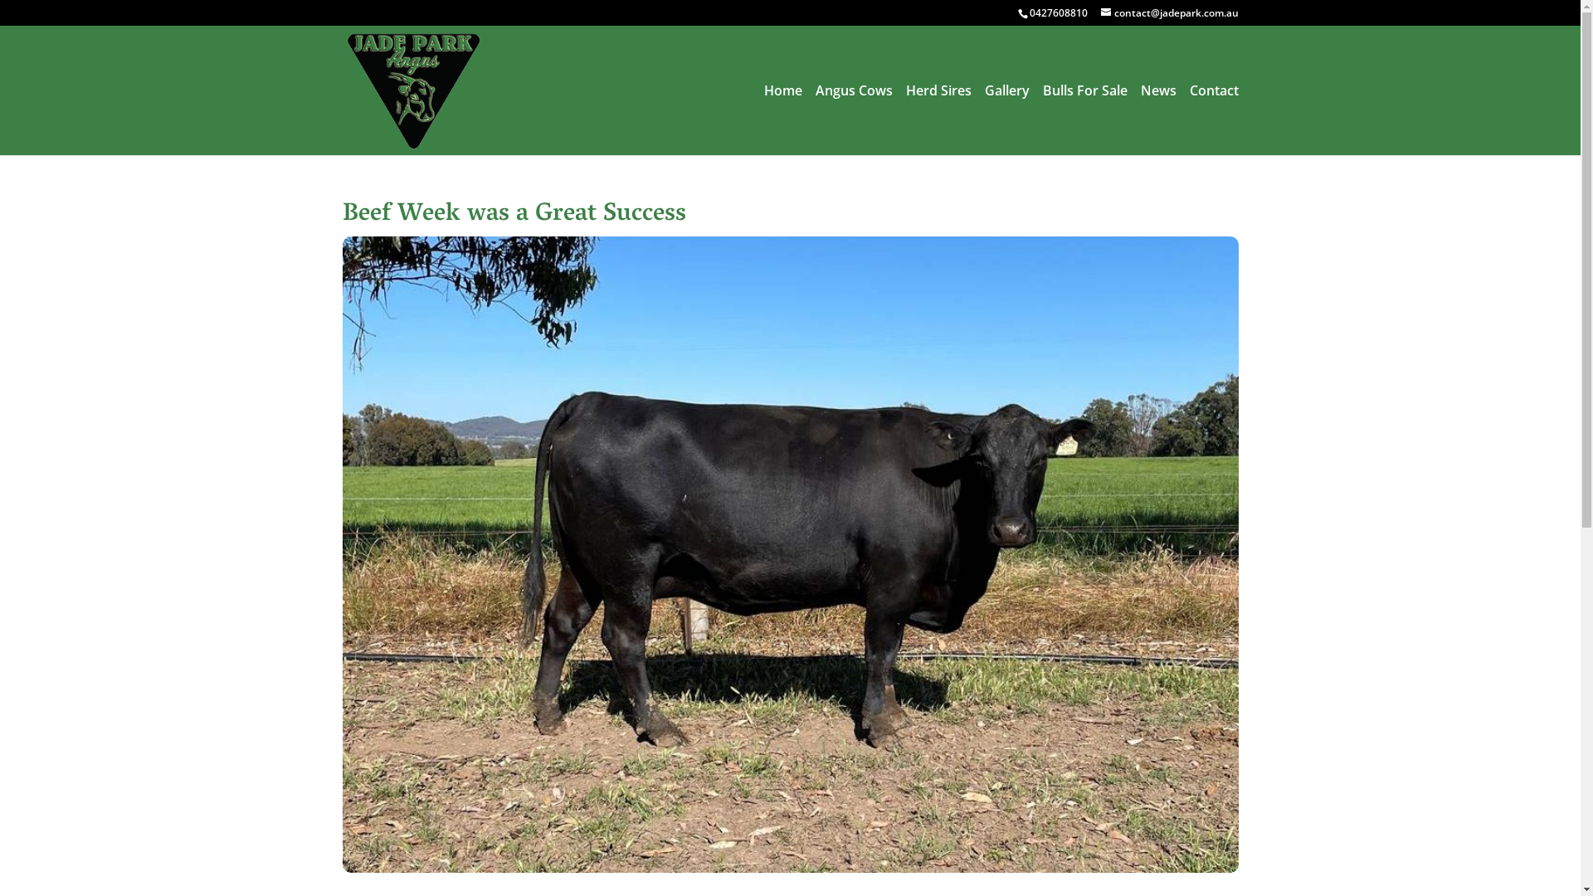 The width and height of the screenshot is (1593, 896). Describe the element at coordinates (762, 119) in the screenshot. I see `'Home'` at that location.